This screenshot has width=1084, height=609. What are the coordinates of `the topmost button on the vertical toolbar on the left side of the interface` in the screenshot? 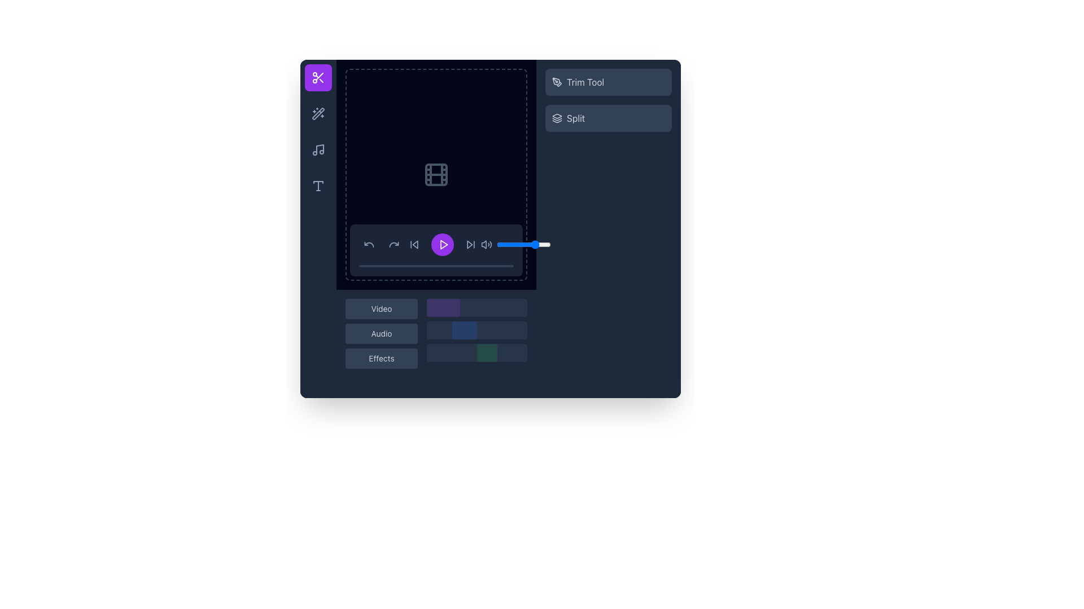 It's located at (318, 77).